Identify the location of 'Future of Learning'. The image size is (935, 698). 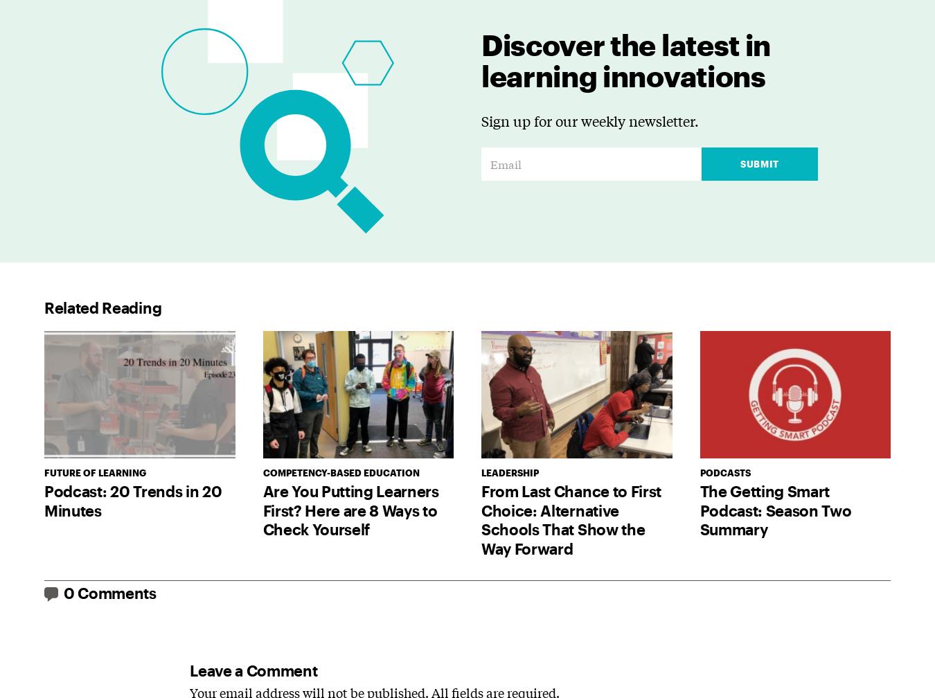
(95, 472).